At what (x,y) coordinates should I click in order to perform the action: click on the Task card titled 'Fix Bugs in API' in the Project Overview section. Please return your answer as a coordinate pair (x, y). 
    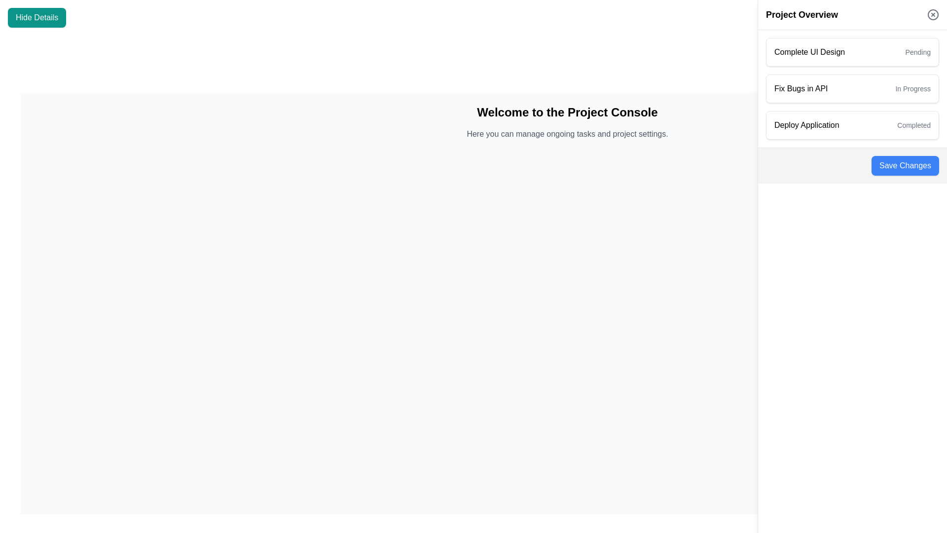
    Looking at the image, I should click on (852, 89).